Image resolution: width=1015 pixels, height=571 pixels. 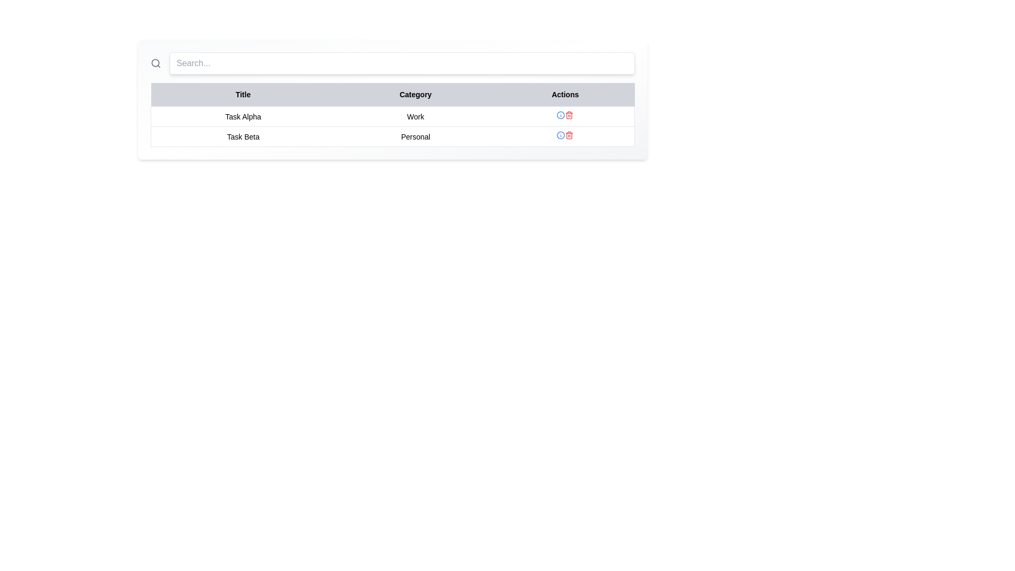 I want to click on the circular element of the search icon that represents the lens component, located in the upper-left corner of the user interface, so click(x=155, y=63).